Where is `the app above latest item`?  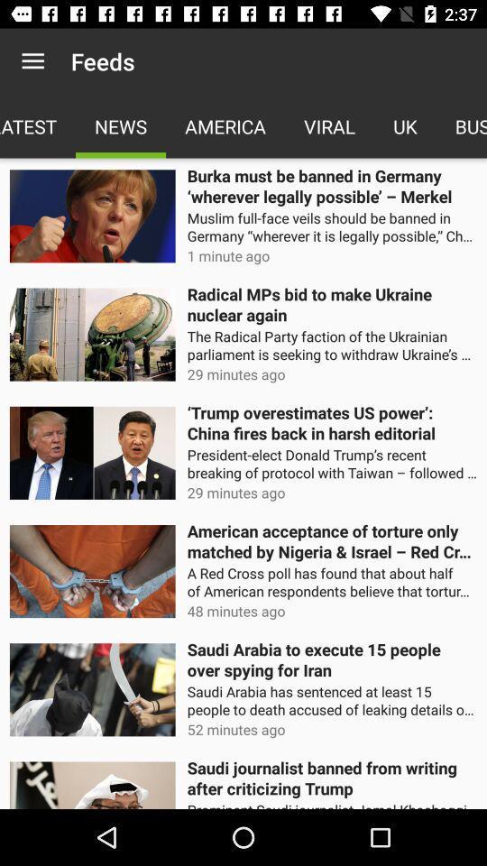 the app above latest item is located at coordinates (32, 61).